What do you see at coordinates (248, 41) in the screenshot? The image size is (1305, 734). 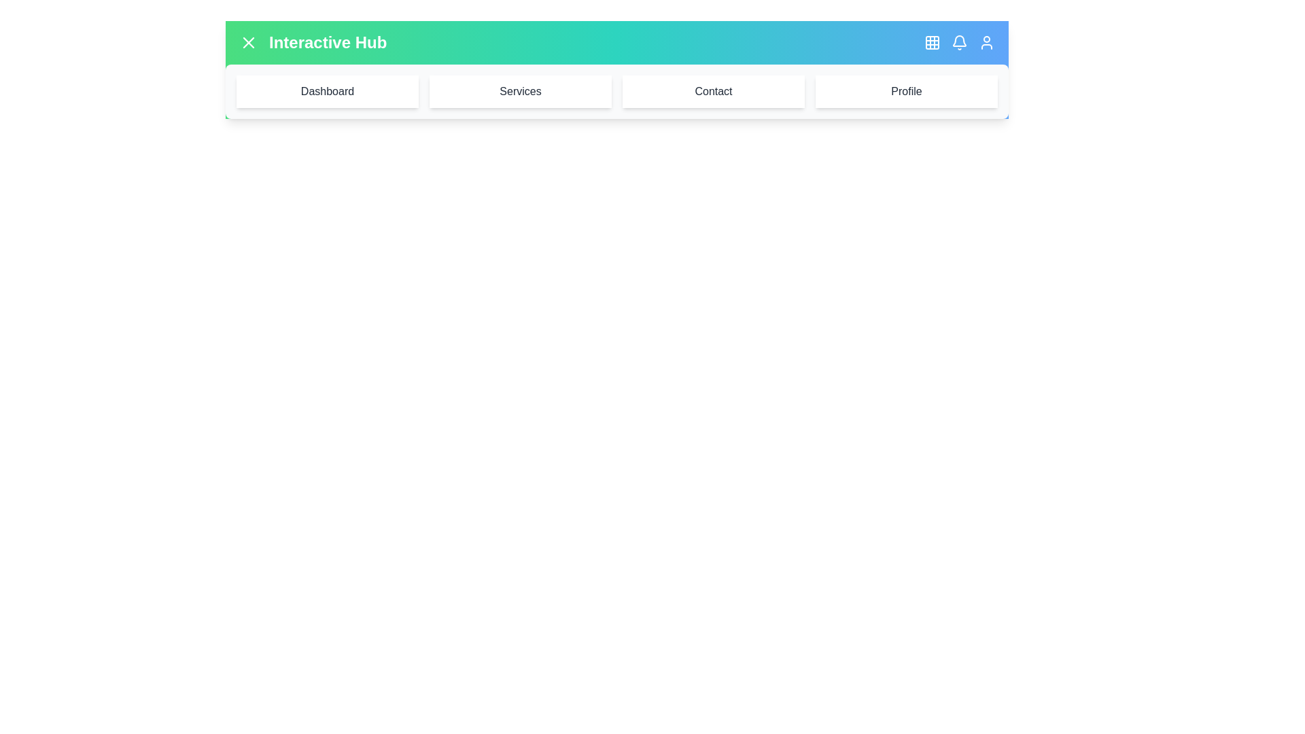 I see `menu button to toggle the menu visibility` at bounding box center [248, 41].